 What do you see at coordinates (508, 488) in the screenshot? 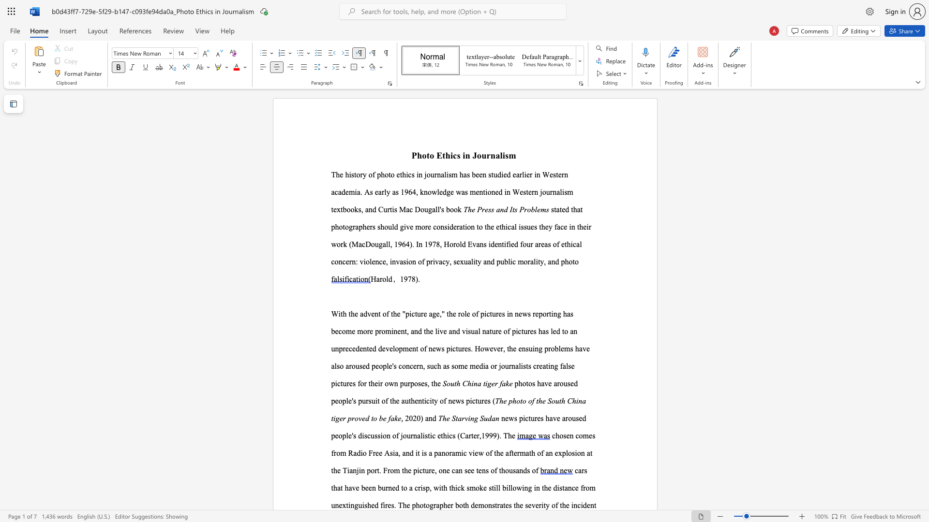
I see `the subset text "llowing in the distance from unexting" within the text "cars that have been burned to a crisp, with thick smoke still billowing in the distance from unextinguished fires. The"` at bounding box center [508, 488].